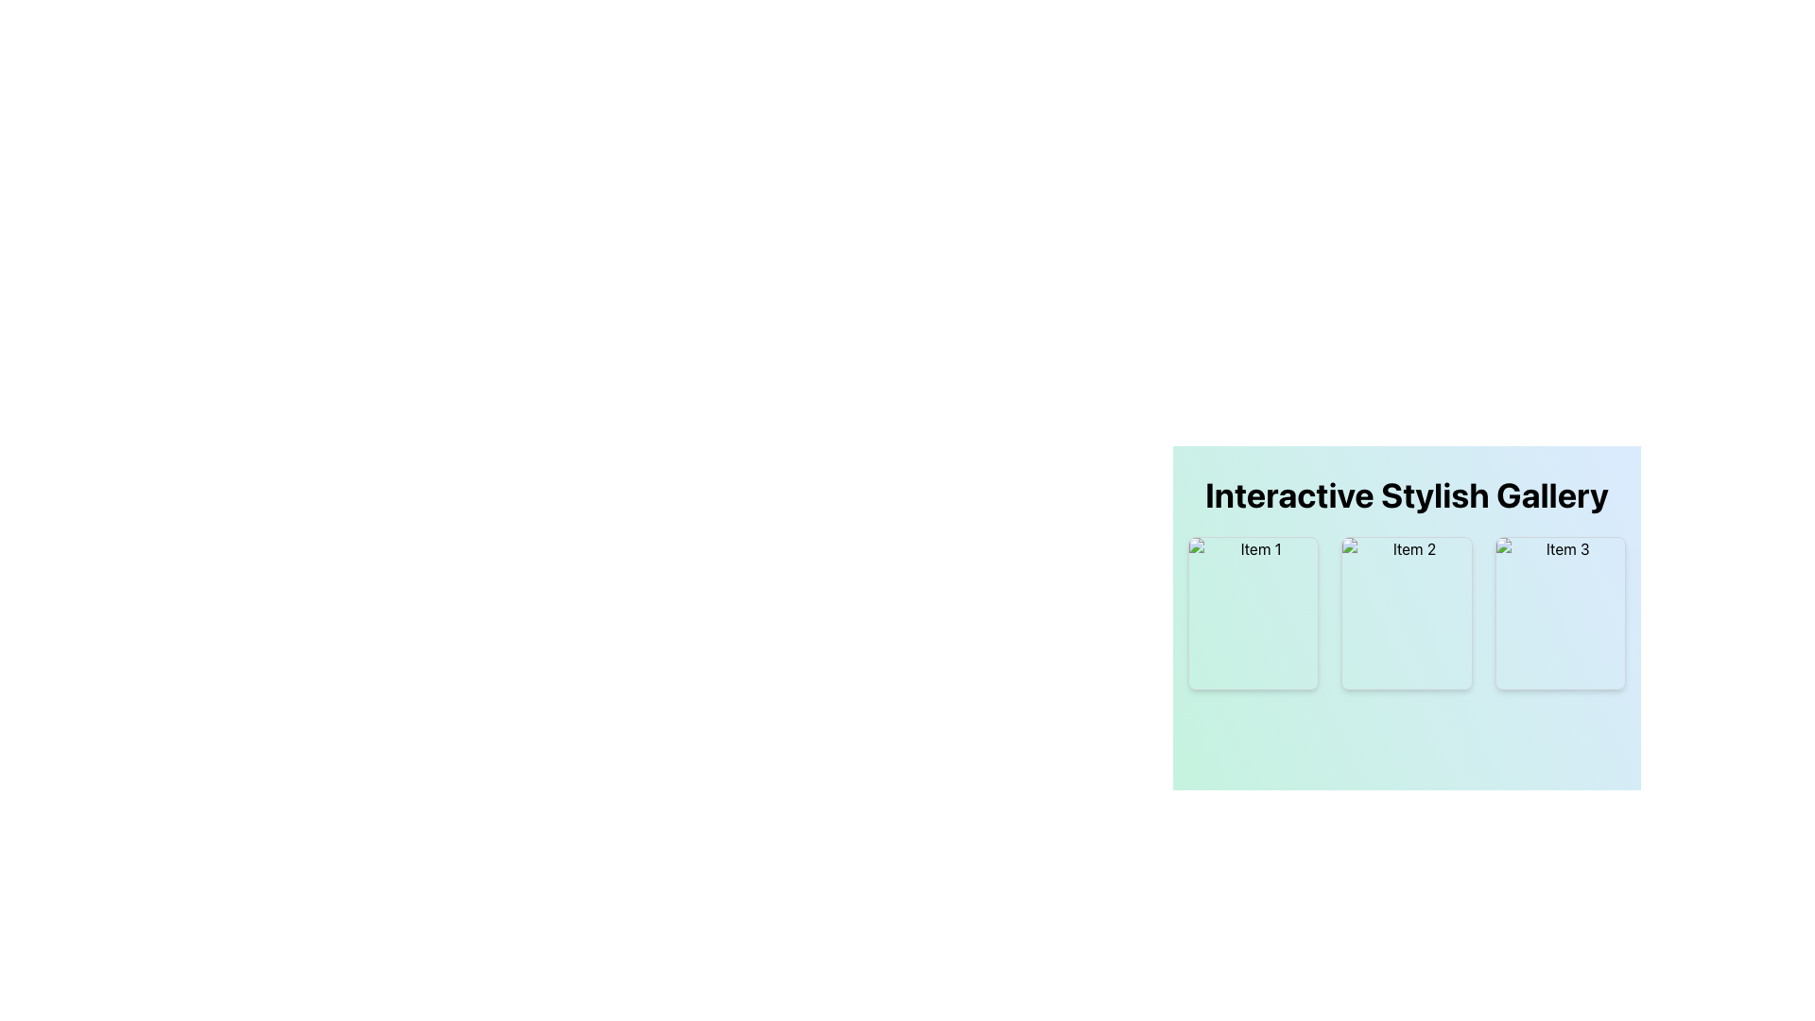 The height and width of the screenshot is (1021, 1815). I want to click on the second card component in the gallery layout, so click(1407, 613).